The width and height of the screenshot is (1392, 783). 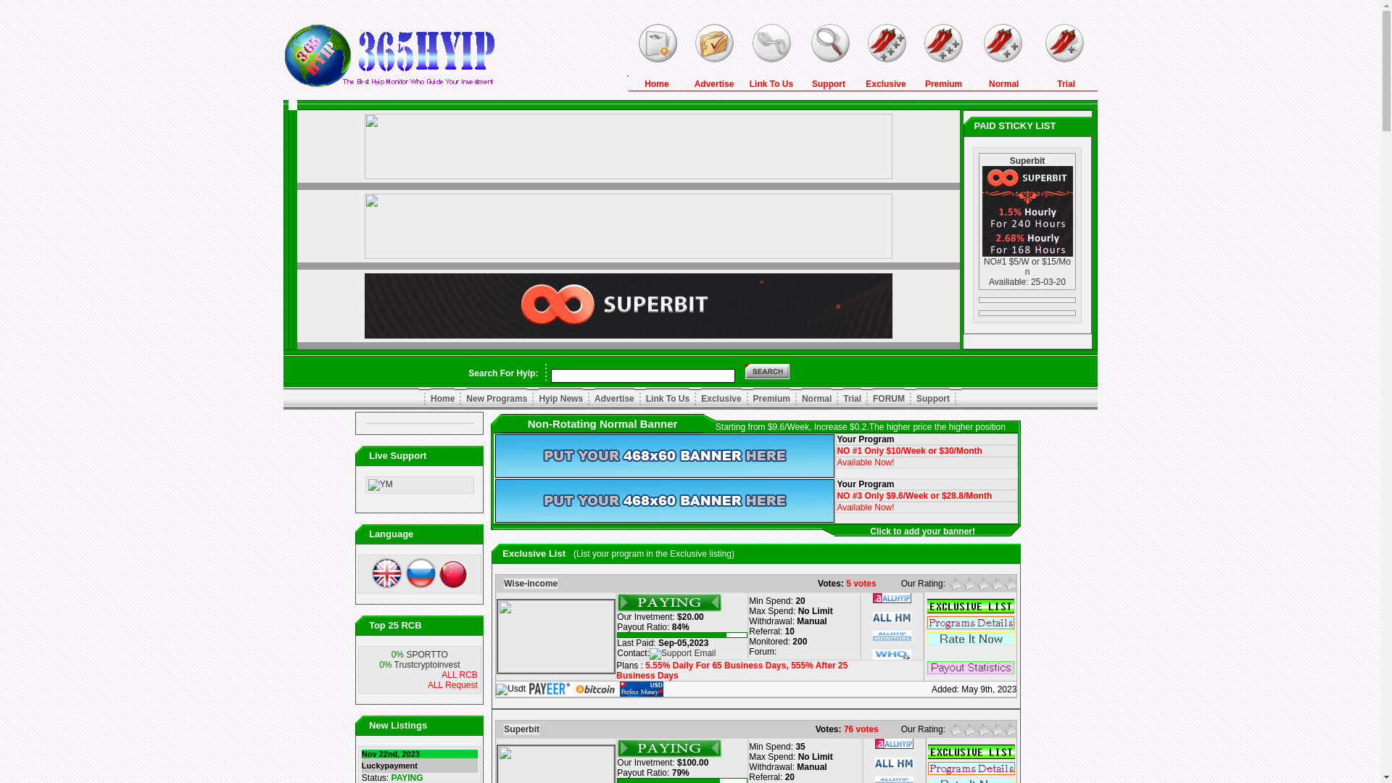 What do you see at coordinates (497, 399) in the screenshot?
I see `'New Programs'` at bounding box center [497, 399].